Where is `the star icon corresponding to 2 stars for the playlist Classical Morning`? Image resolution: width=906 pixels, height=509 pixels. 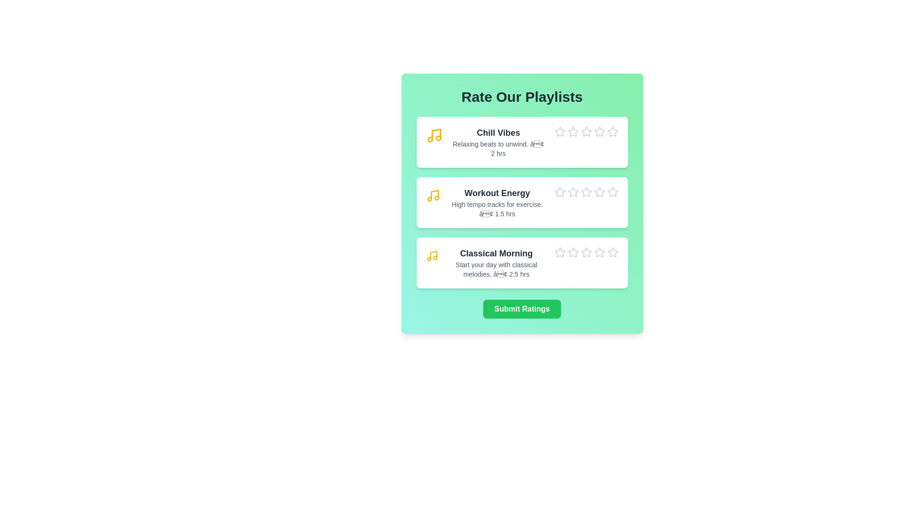
the star icon corresponding to 2 stars for the playlist Classical Morning is located at coordinates (567, 246).